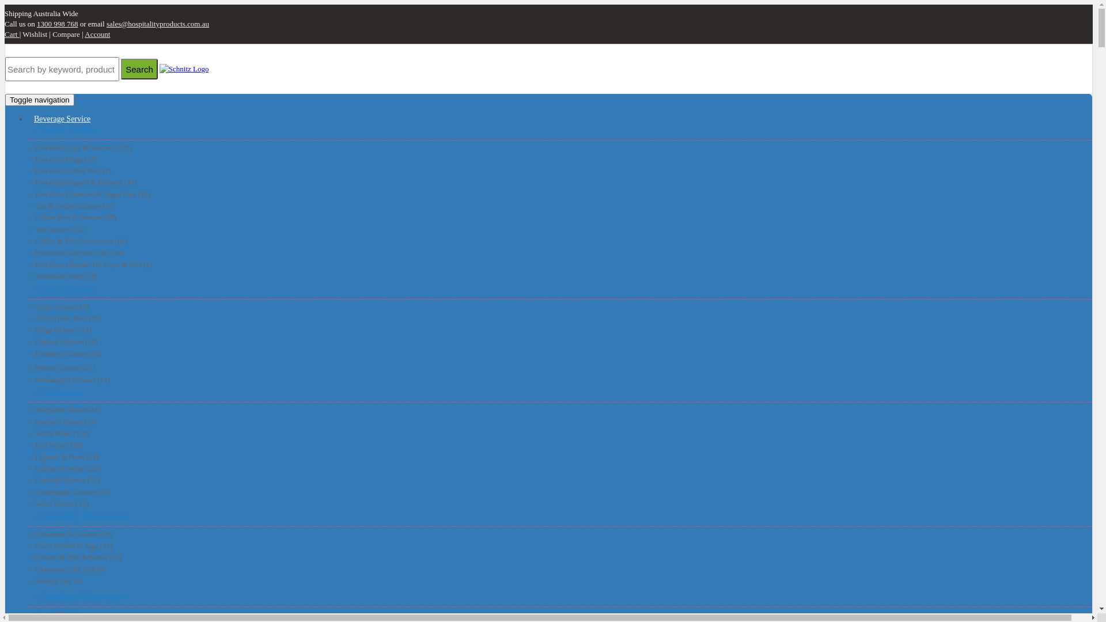 This screenshot has width=1106, height=622. Describe the element at coordinates (36, 24) in the screenshot. I see `'1300 998 768'` at that location.